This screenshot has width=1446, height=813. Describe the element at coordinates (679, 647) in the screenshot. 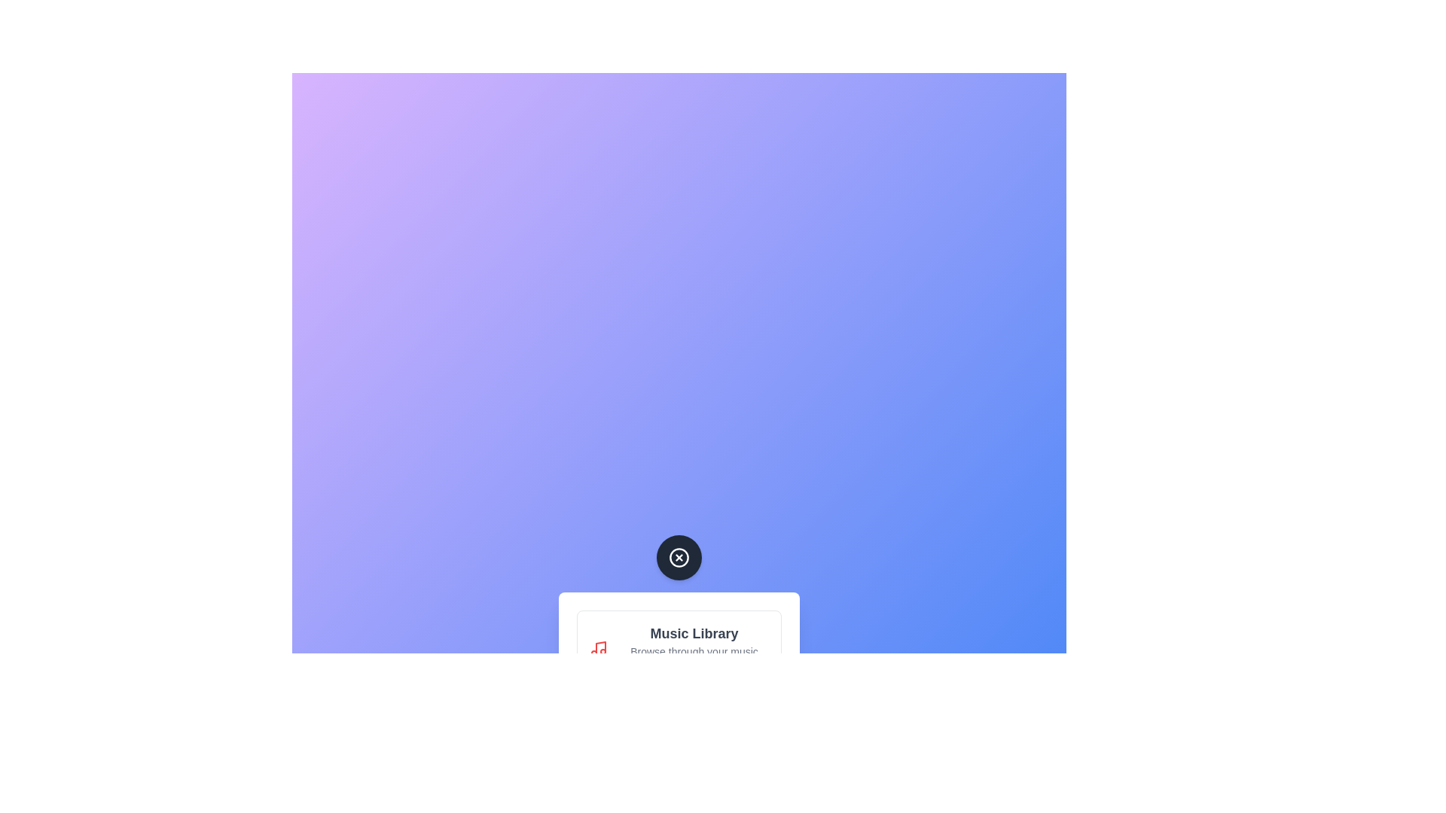

I see `the menu item labeled 'Music Library' to reveal its description` at that location.